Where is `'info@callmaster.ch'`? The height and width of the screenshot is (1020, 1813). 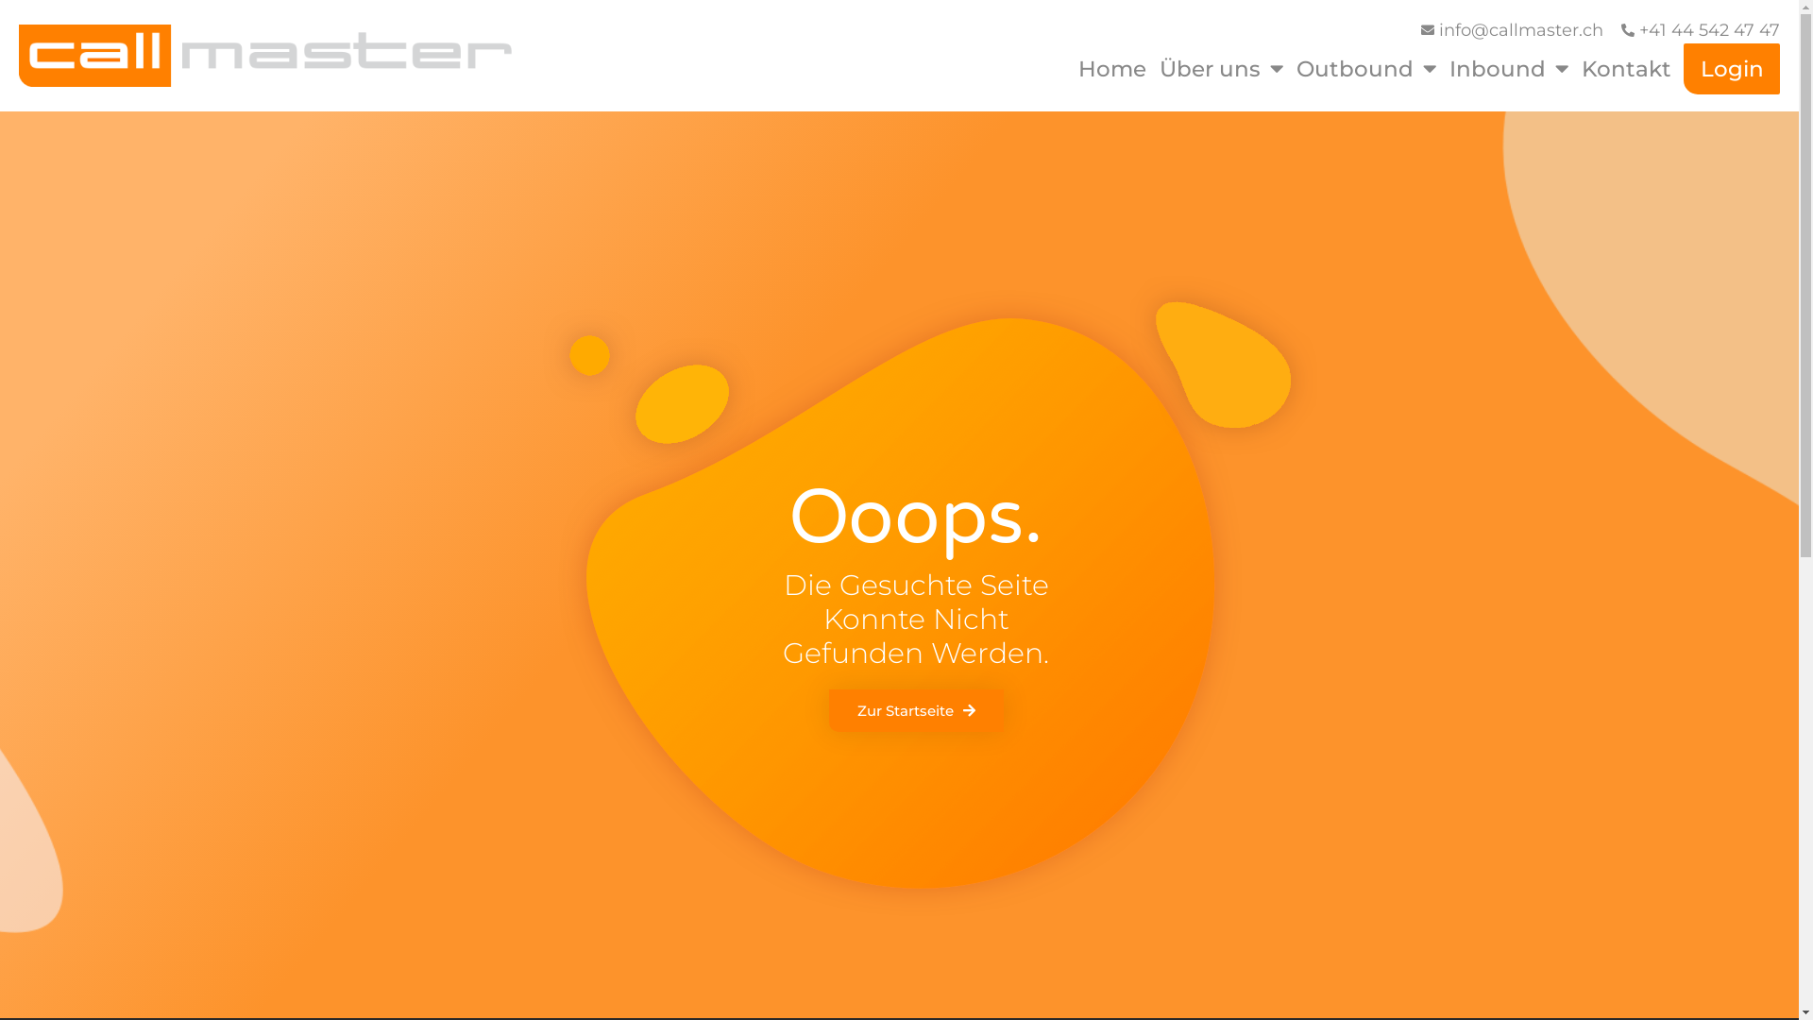 'info@callmaster.ch' is located at coordinates (1509, 30).